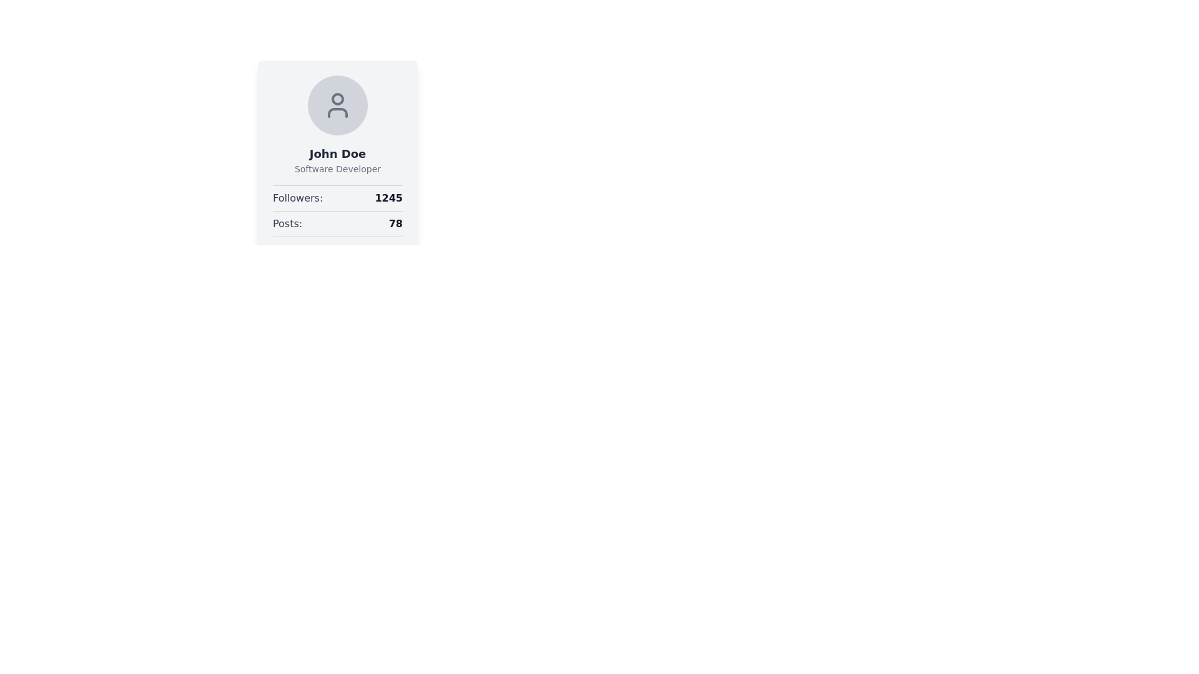  Describe the element at coordinates (388, 197) in the screenshot. I see `text content displayed in bold and dark font showing the number '1245', which is aligned next to the label 'Followers:' in the user profile section` at that location.